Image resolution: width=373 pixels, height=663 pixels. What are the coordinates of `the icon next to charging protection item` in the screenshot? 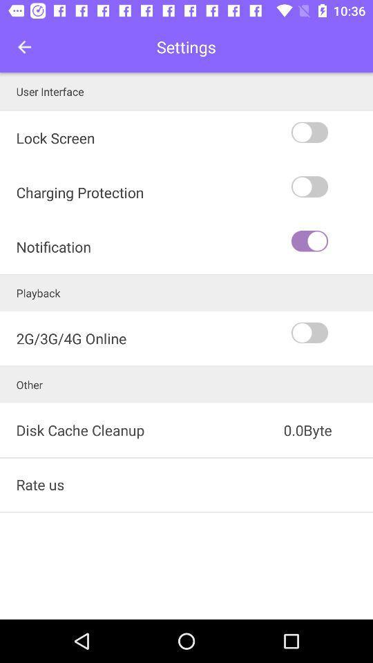 It's located at (330, 241).